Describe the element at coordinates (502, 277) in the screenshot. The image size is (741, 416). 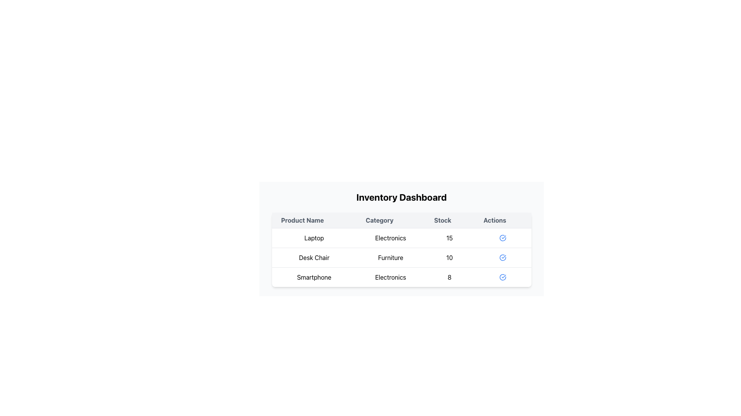
I see `the circular blue icon button with a check mark, the third icon in the 'Actions' column of the table` at that location.